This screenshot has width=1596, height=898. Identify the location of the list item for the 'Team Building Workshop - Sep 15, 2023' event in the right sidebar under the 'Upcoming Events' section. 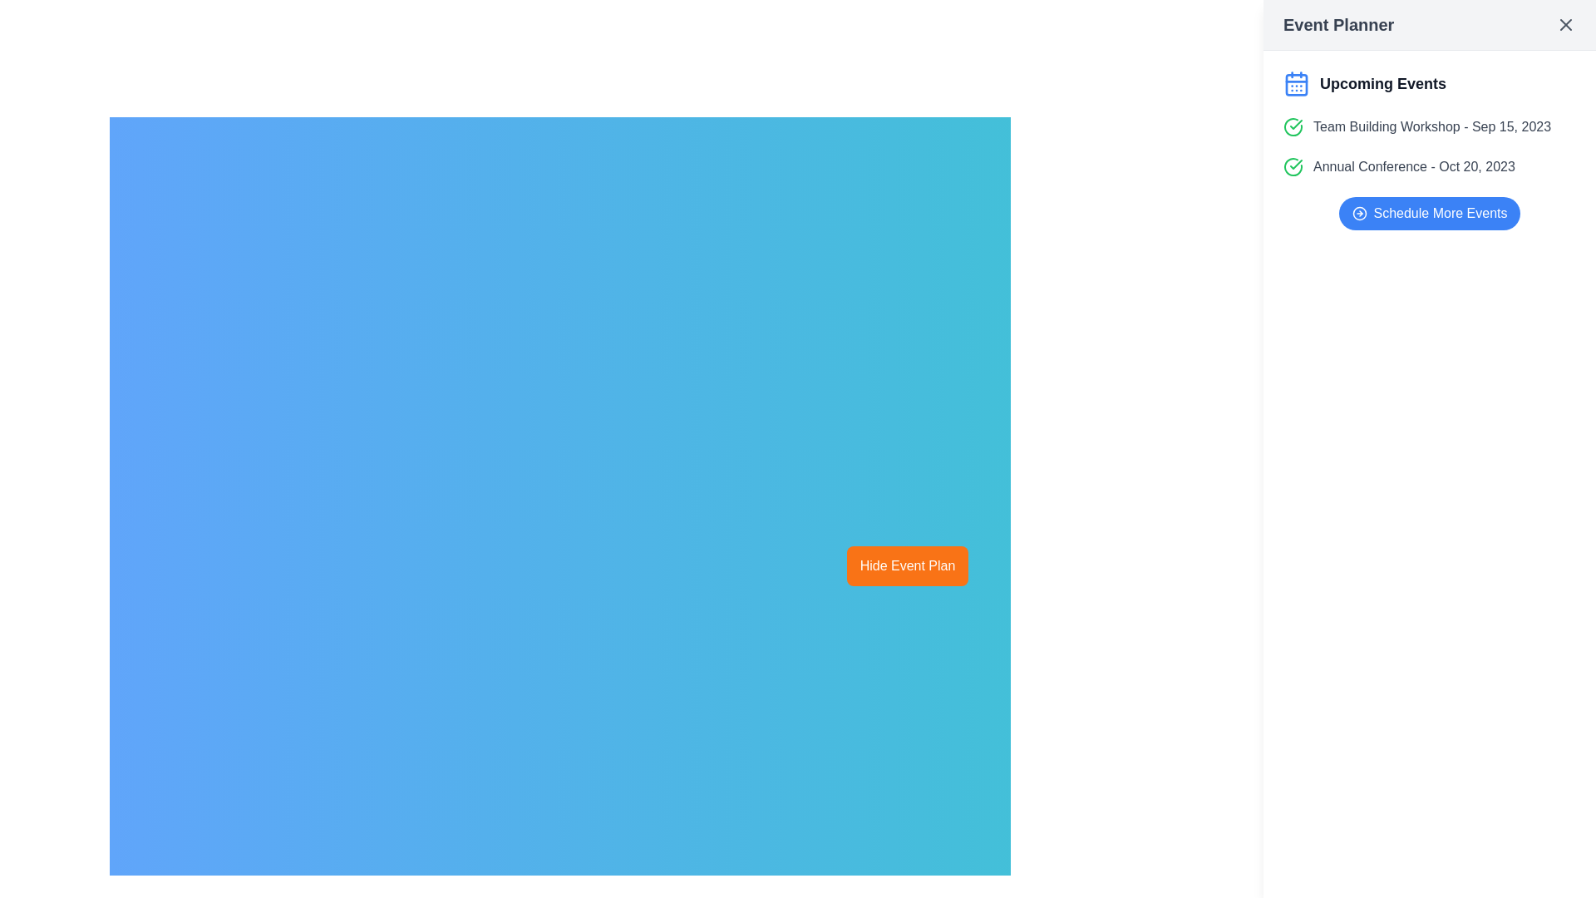
(1428, 126).